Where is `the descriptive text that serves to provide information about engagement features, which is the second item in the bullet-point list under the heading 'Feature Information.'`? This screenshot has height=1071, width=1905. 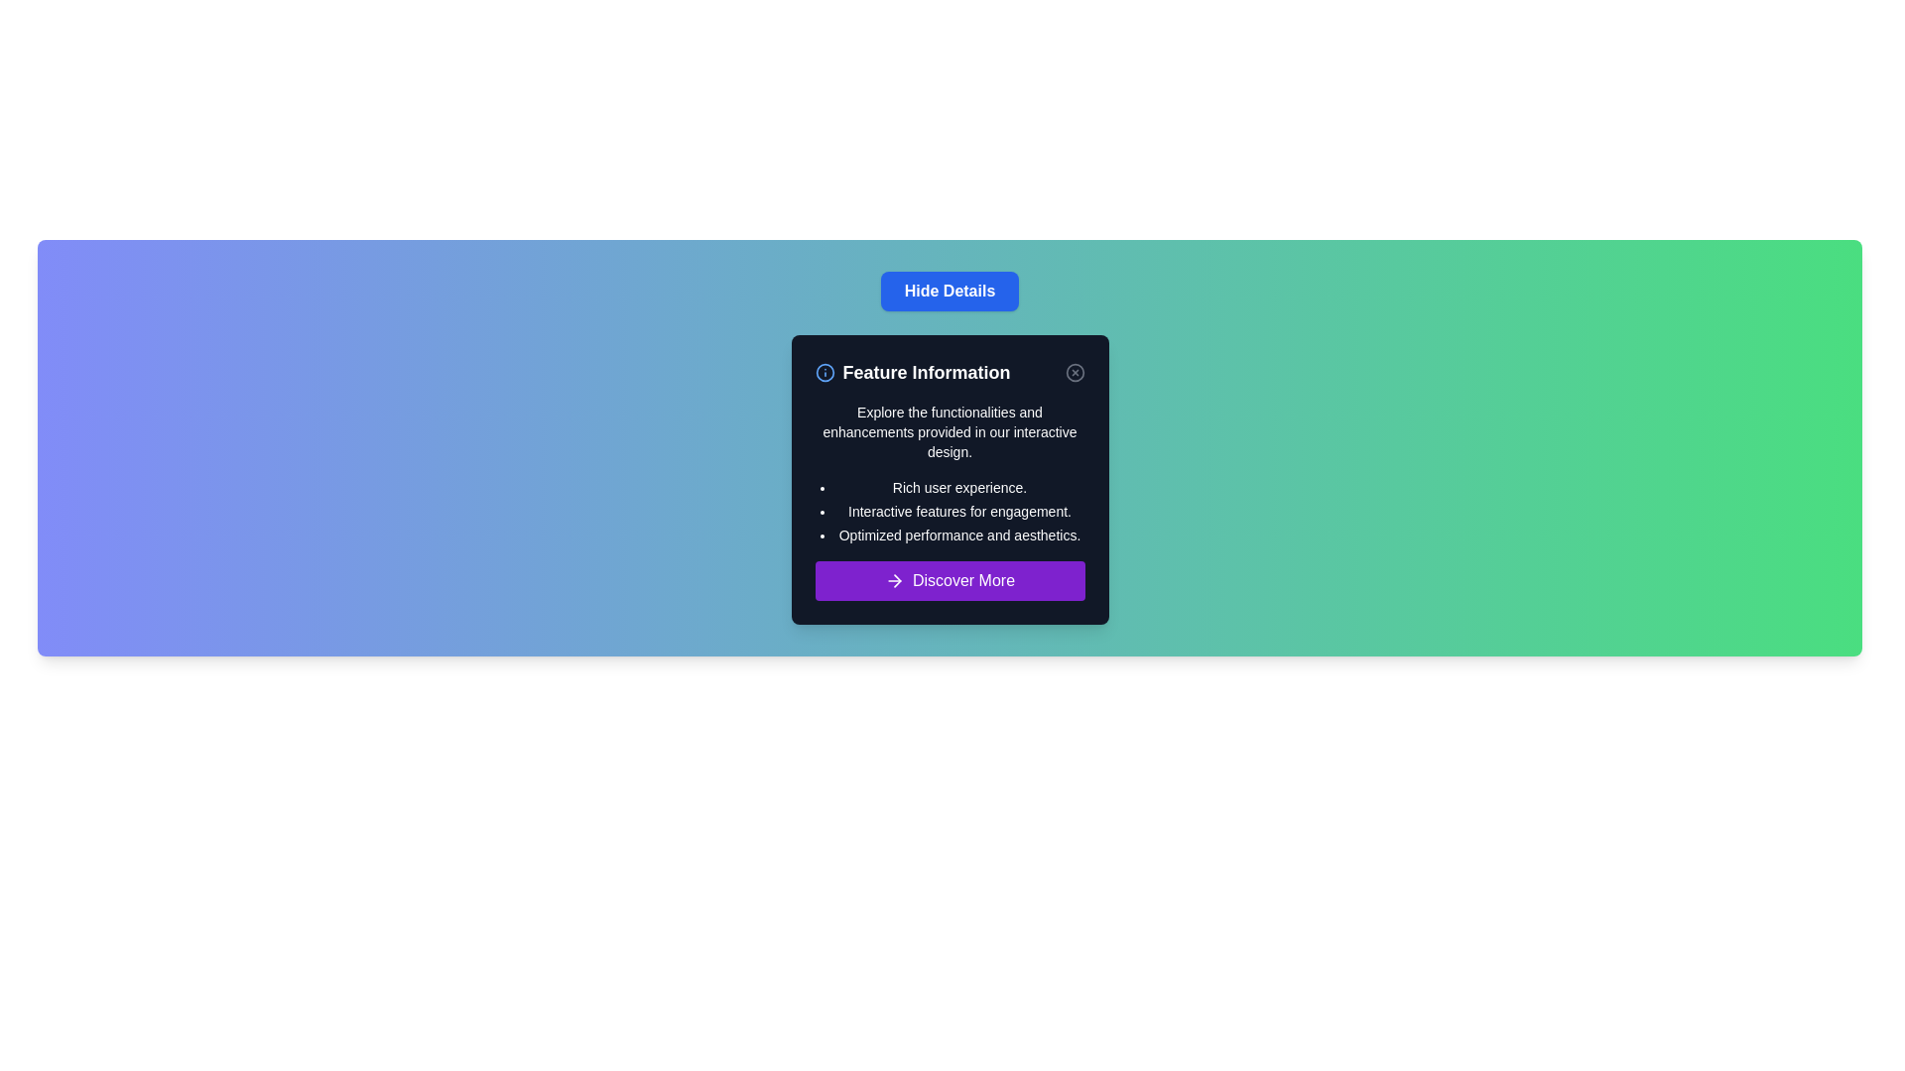
the descriptive text that serves to provide information about engagement features, which is the second item in the bullet-point list under the heading 'Feature Information.' is located at coordinates (959, 511).